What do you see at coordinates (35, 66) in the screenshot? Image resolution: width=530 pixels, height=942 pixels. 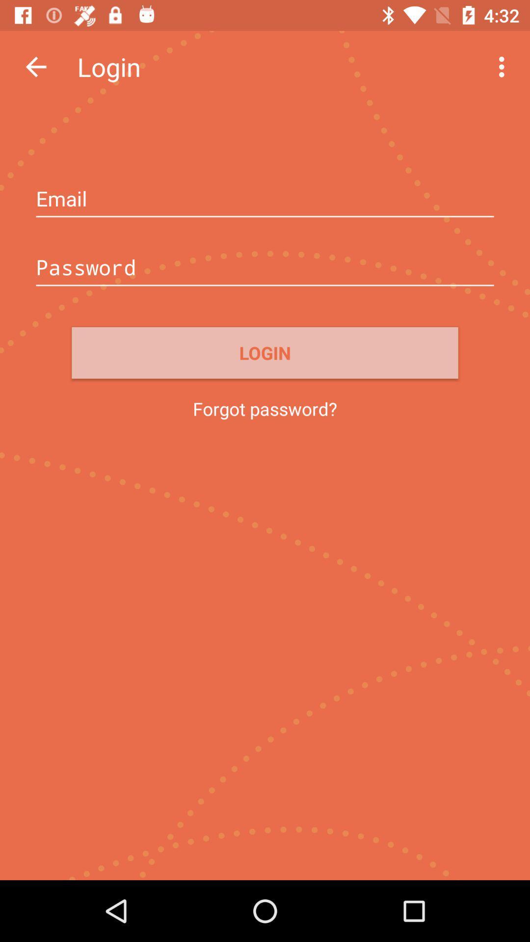 I see `exit the login screen` at bounding box center [35, 66].